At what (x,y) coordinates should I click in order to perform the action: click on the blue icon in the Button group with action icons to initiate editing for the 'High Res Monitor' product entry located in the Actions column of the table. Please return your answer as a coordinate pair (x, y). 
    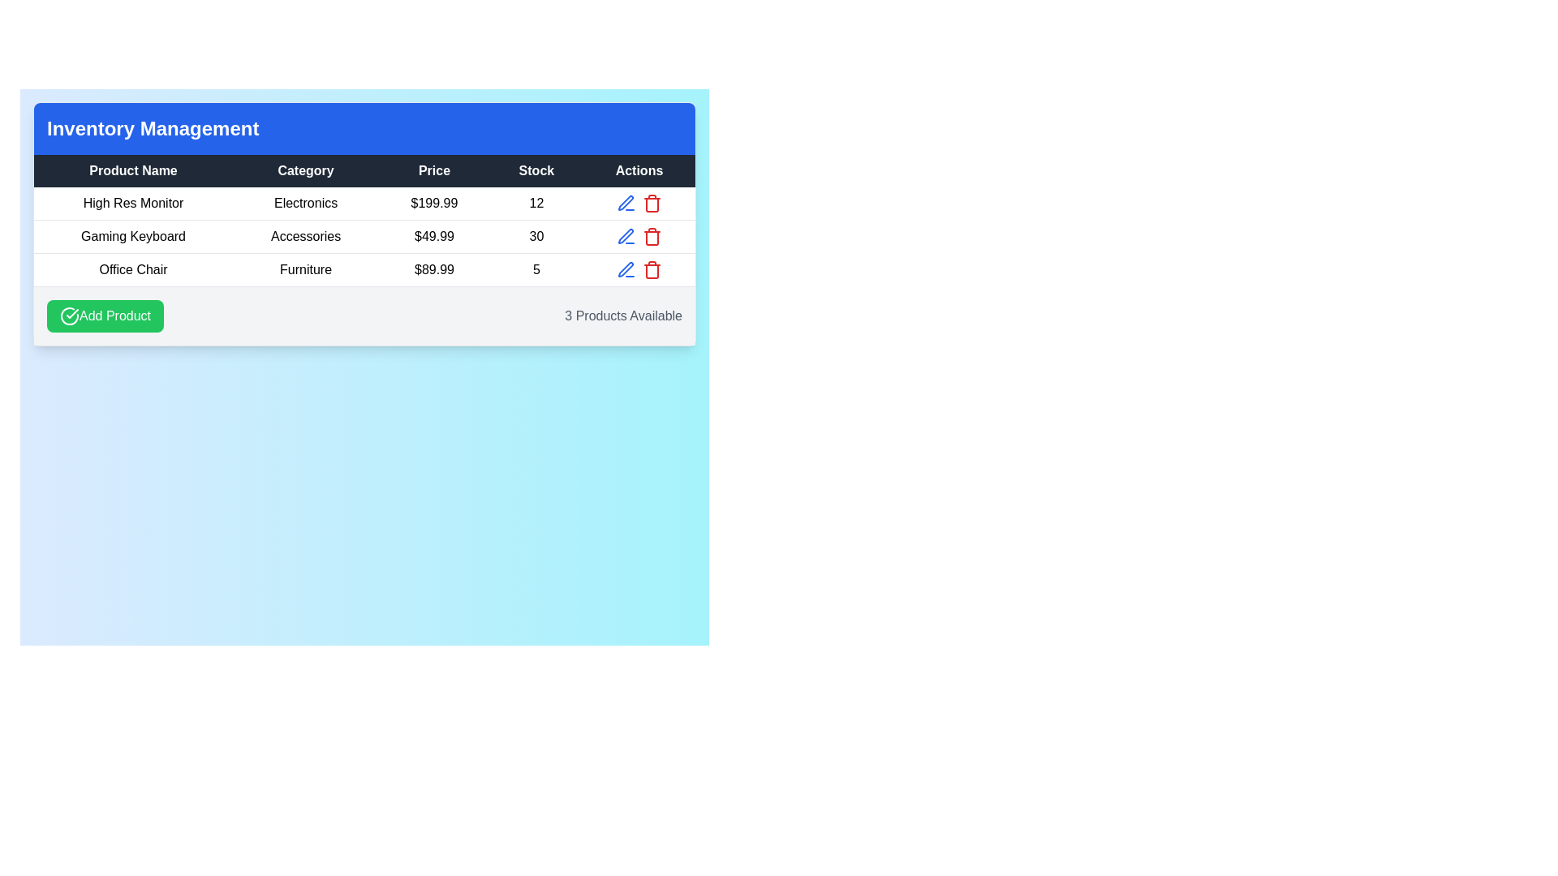
    Looking at the image, I should click on (638, 202).